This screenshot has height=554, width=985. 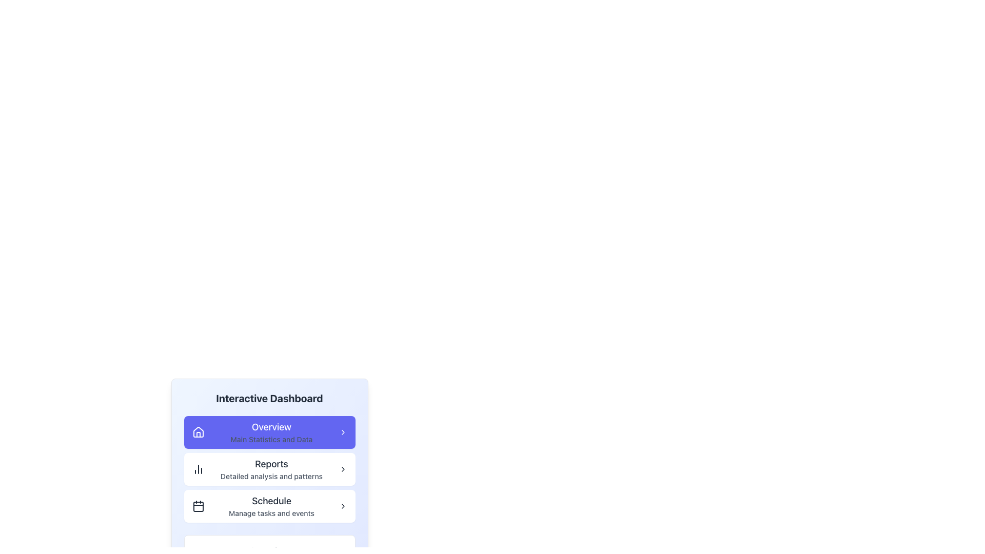 I want to click on the List Item containing 'Reports' and 'Detailed analysis and patterns', so click(x=271, y=469).